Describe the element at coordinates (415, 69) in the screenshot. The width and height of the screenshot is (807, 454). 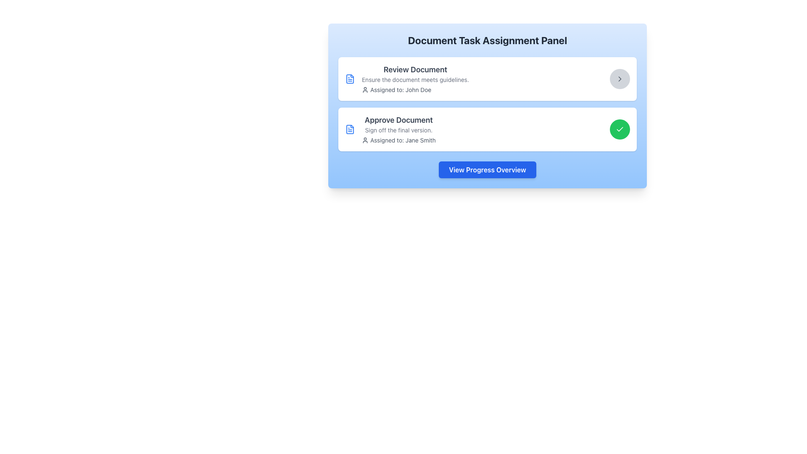
I see `the text label reading 'Review Document'` at that location.